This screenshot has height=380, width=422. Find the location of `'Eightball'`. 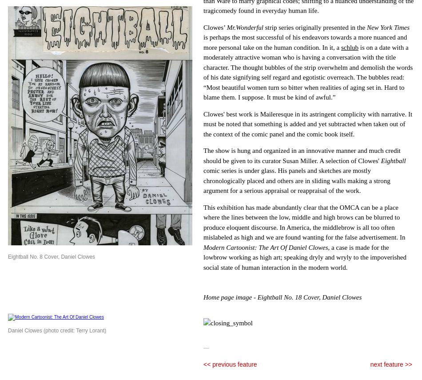

'Eightball' is located at coordinates (393, 160).